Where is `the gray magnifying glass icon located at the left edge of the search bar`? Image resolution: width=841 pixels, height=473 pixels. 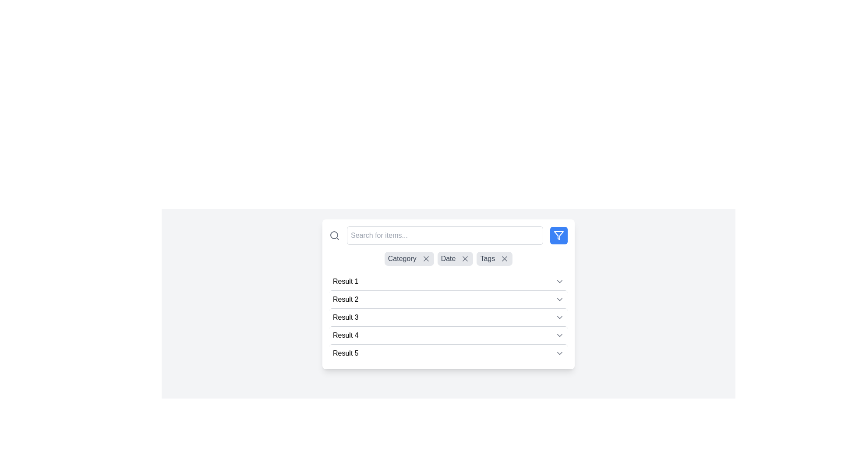
the gray magnifying glass icon located at the left edge of the search bar is located at coordinates (334, 235).